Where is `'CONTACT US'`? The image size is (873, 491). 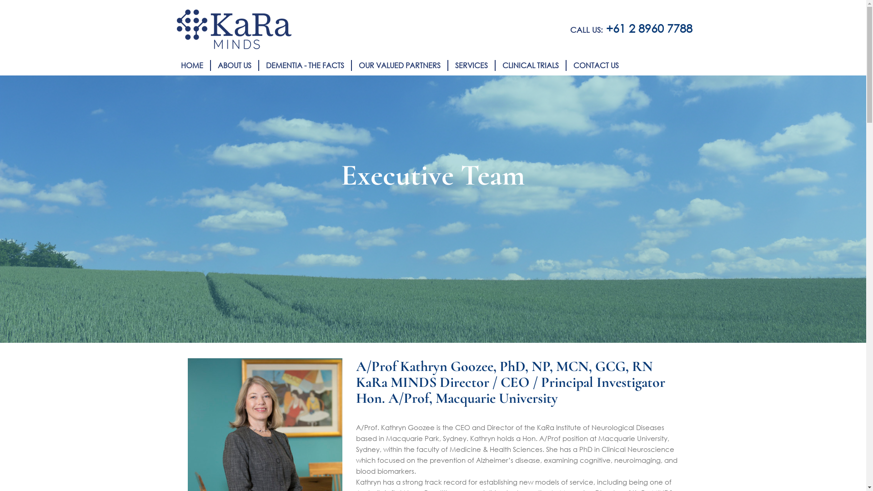
'CONTACT US' is located at coordinates (596, 65).